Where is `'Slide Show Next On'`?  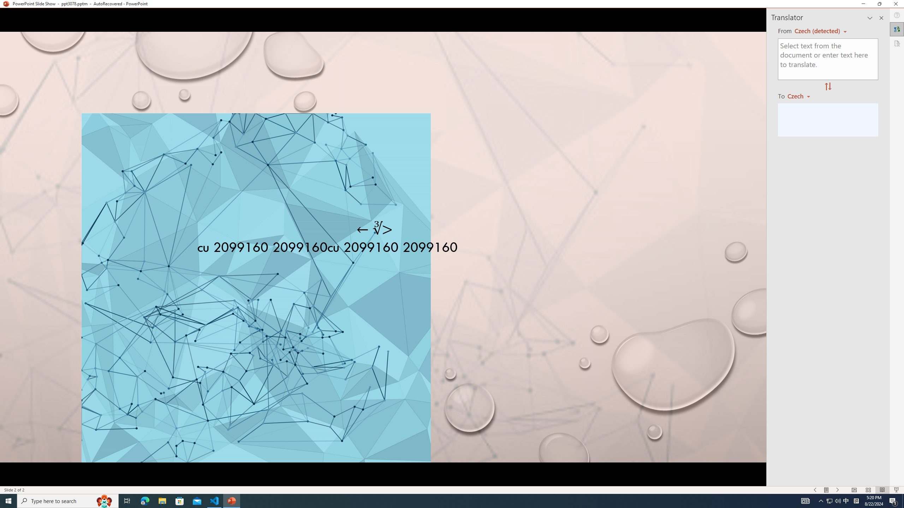 'Slide Show Next On' is located at coordinates (838, 490).